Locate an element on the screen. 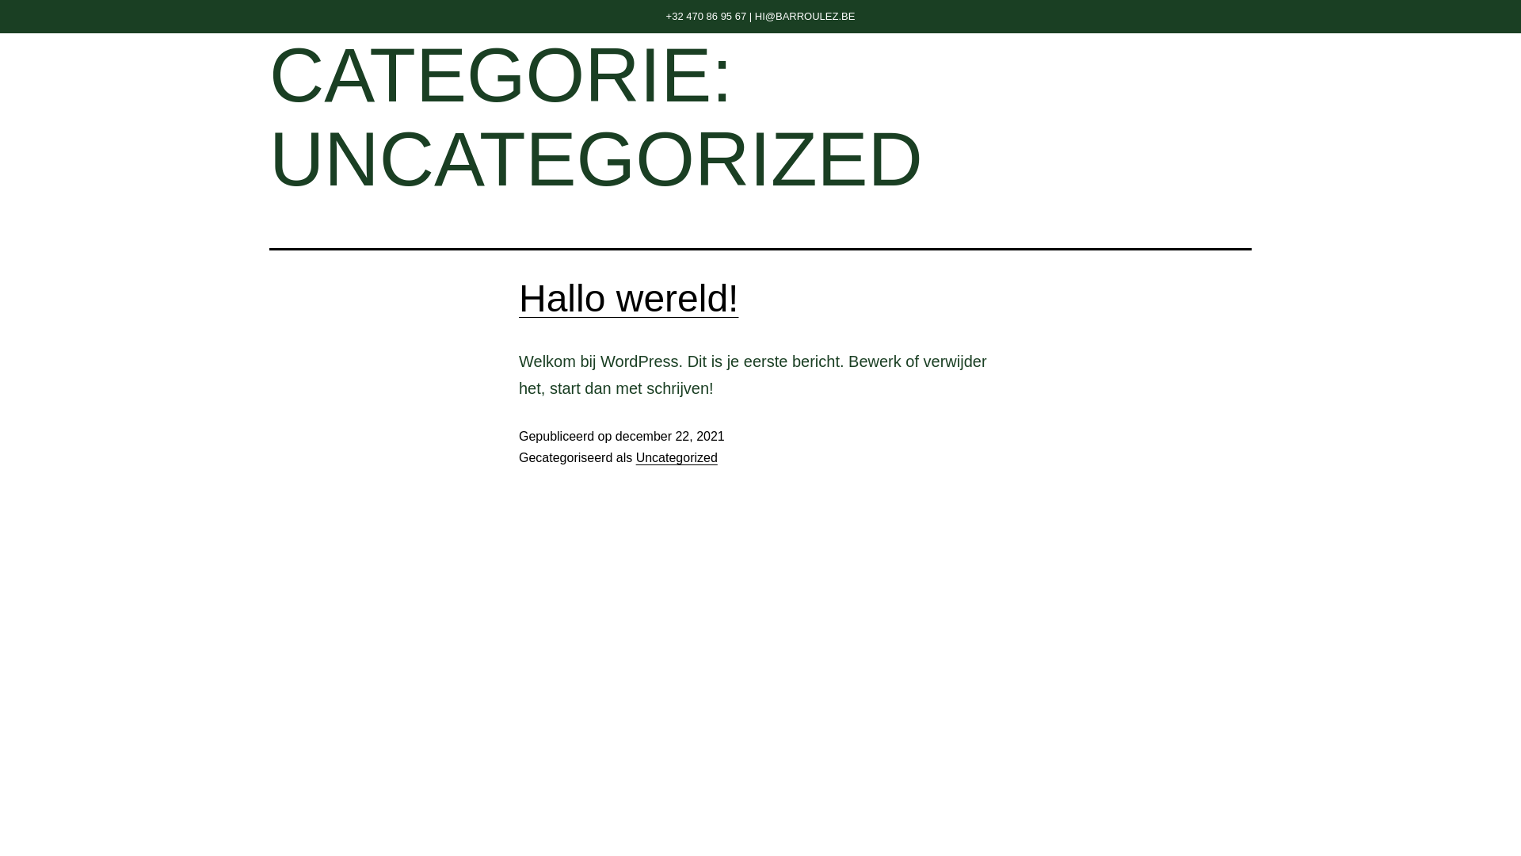  '+32 470 86 95 67' is located at coordinates (706, 16).